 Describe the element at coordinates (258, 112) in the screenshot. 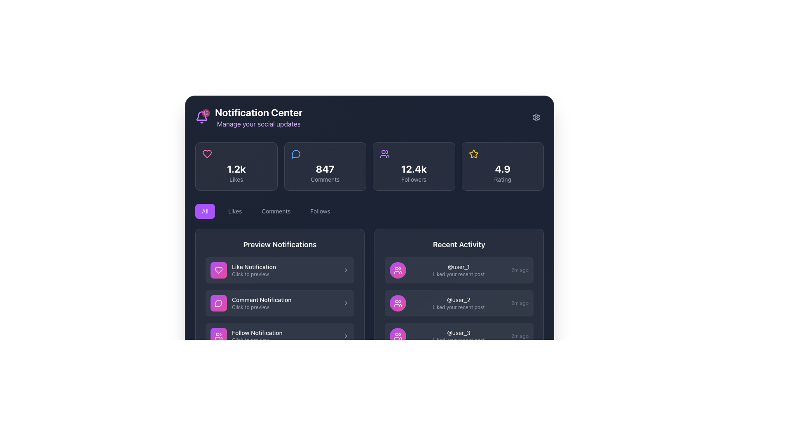

I see `the 'Notification Center' text label element, which is prominently styled in bold, large white font and located in the top-left section of the interface` at that location.